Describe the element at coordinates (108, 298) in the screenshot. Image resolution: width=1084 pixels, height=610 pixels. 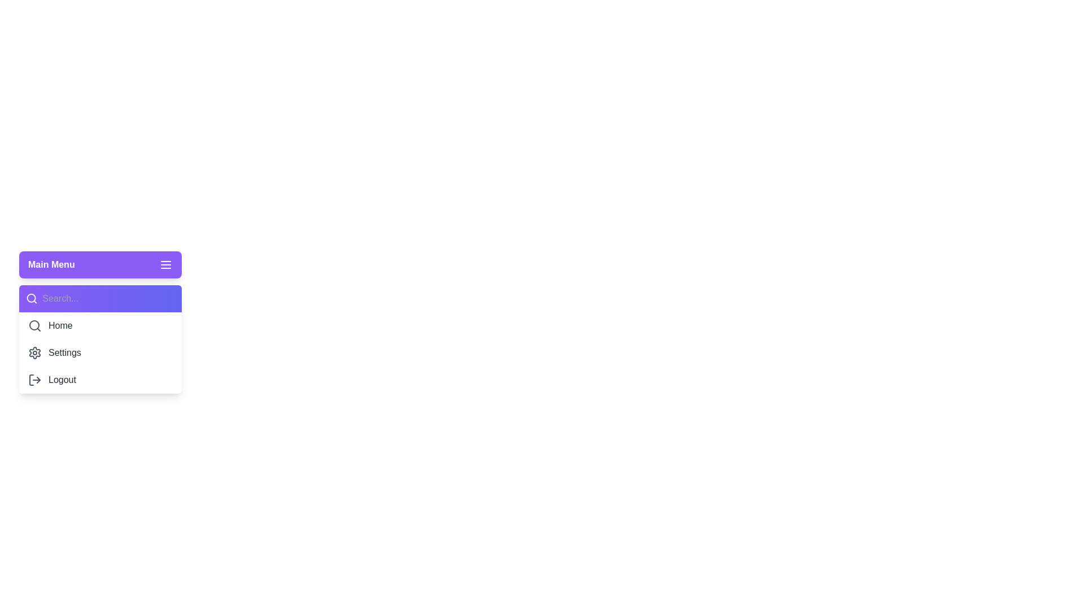
I see `the search input field to focus it` at that location.